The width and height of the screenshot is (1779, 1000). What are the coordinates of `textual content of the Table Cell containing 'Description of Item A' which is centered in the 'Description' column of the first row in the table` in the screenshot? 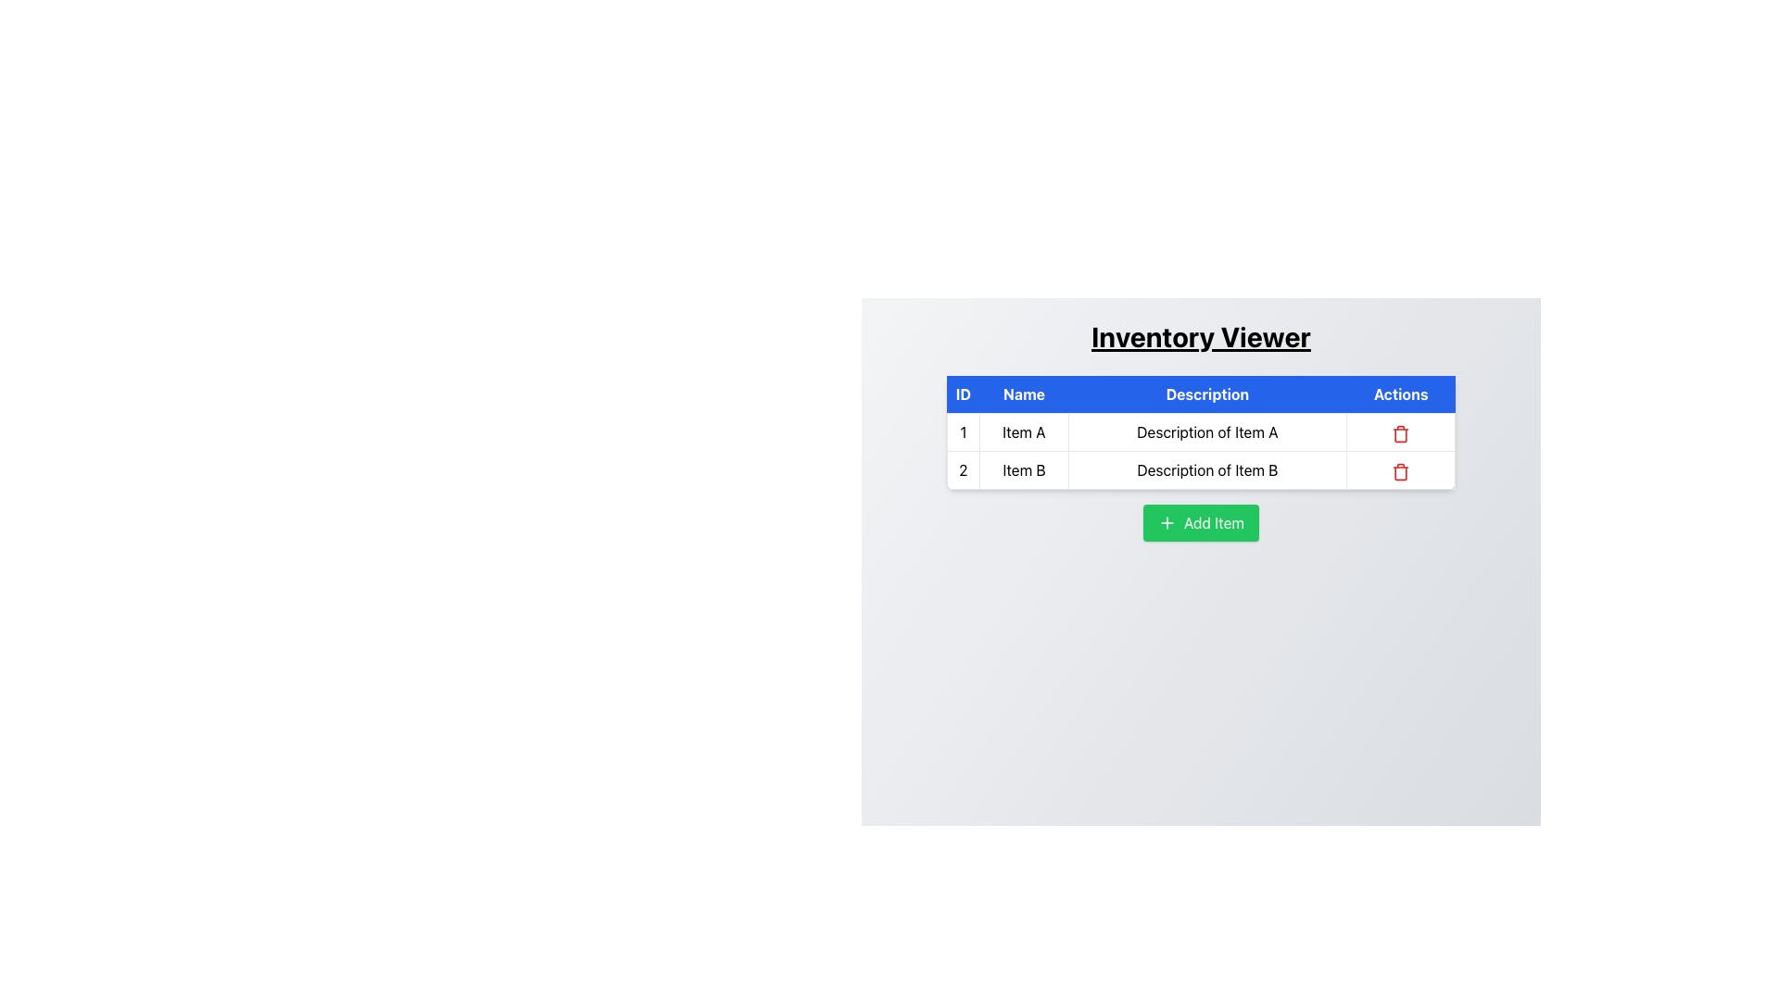 It's located at (1207, 431).